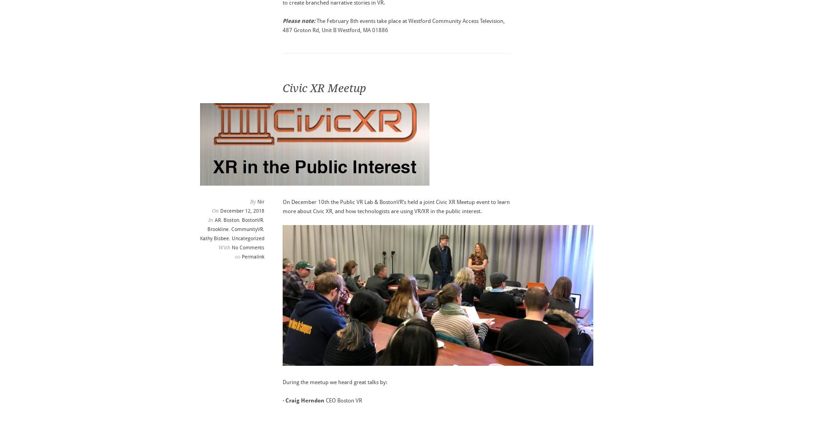  Describe the element at coordinates (217, 229) in the screenshot. I see `'Brookline'` at that location.